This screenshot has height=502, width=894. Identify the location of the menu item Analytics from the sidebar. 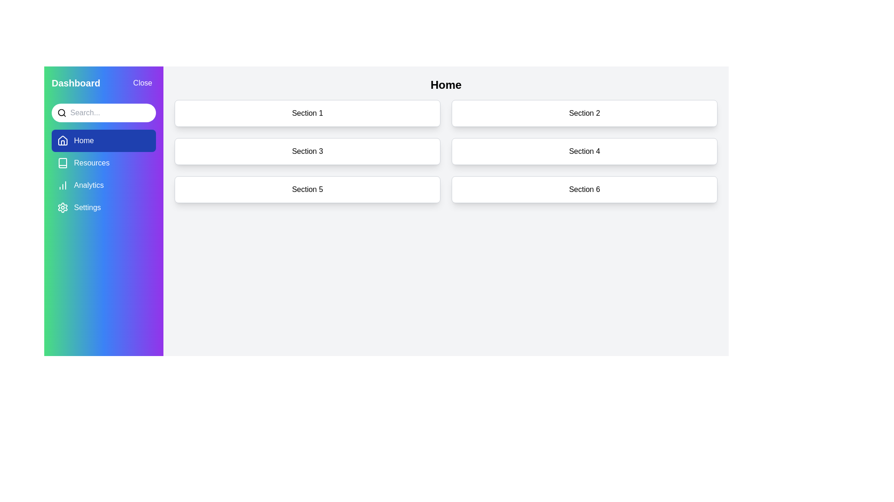
(103, 185).